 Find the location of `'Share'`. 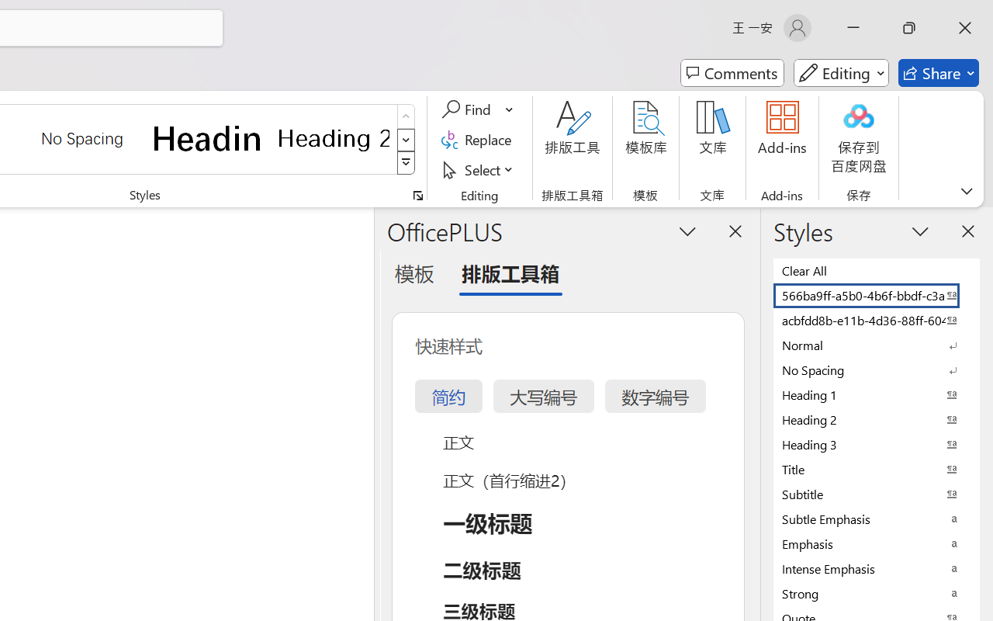

'Share' is located at coordinates (938, 73).